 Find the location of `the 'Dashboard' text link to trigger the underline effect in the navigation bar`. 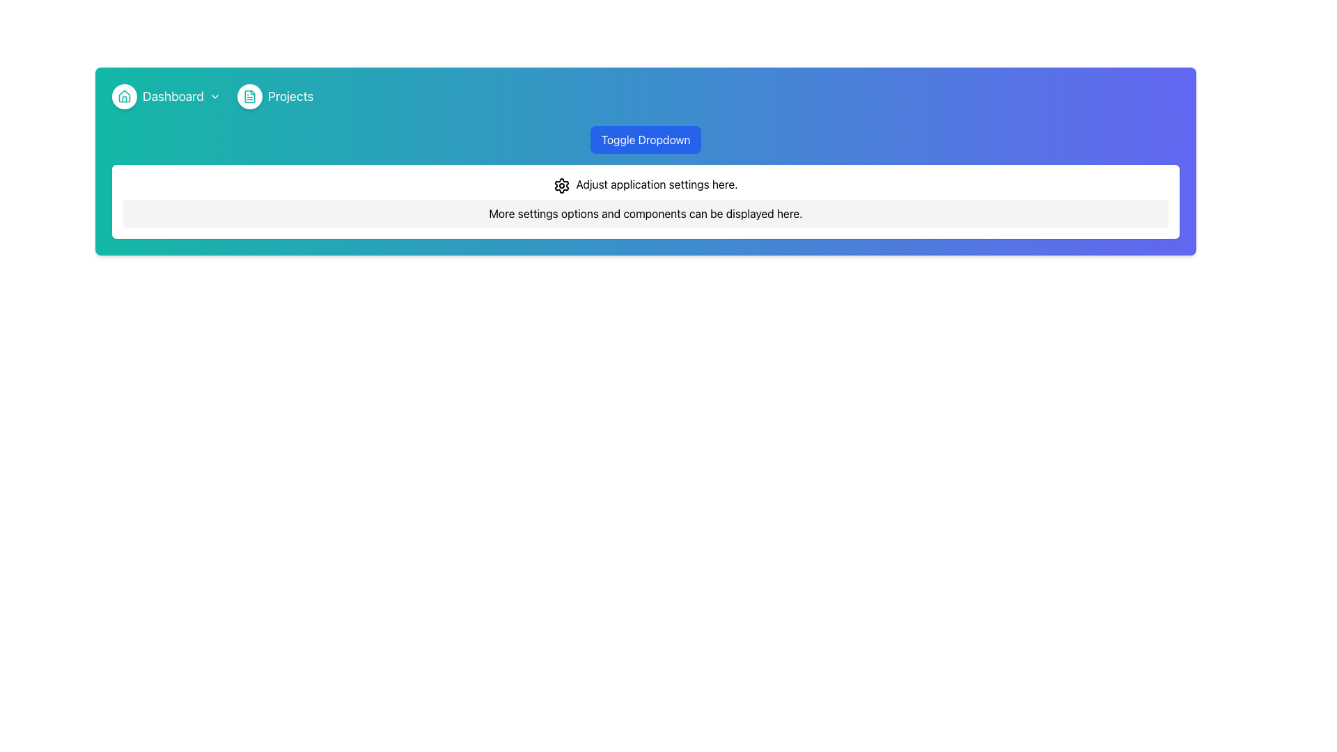

the 'Dashboard' text link to trigger the underline effect in the navigation bar is located at coordinates (173, 95).